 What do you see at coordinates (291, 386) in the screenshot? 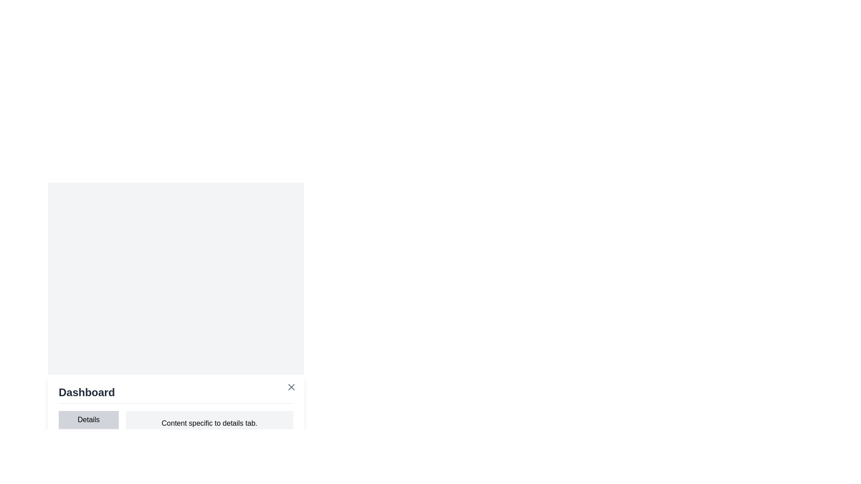
I see `the close button of the dialog to close it` at bounding box center [291, 386].